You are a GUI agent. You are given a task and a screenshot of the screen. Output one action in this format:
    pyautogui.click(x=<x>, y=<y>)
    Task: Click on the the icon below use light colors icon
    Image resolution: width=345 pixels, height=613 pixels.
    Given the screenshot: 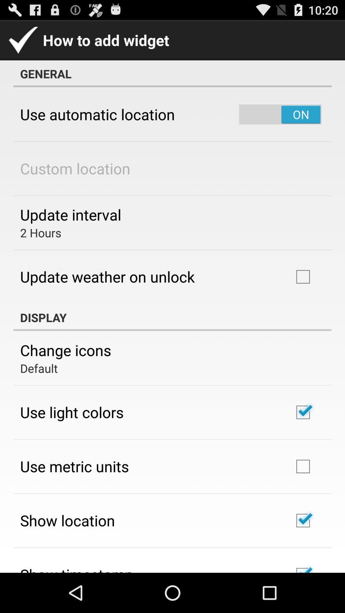 What is the action you would take?
    pyautogui.click(x=74, y=466)
    